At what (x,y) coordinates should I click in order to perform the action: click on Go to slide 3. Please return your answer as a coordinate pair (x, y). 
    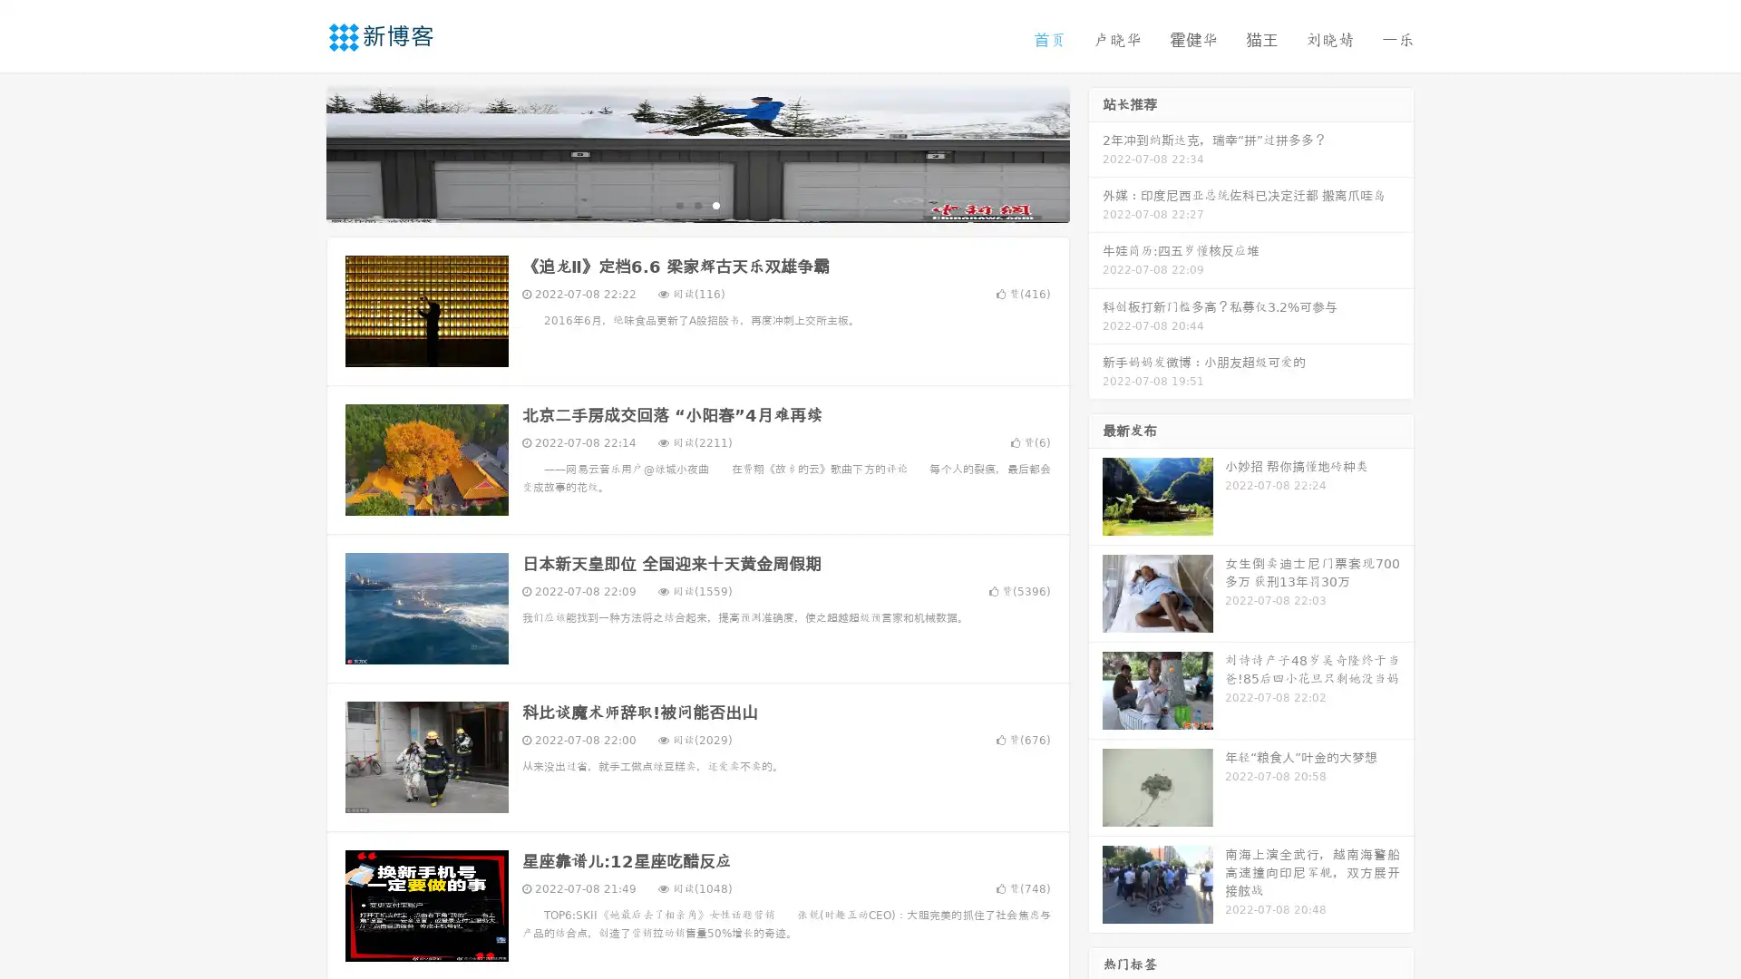
    Looking at the image, I should click on (715, 204).